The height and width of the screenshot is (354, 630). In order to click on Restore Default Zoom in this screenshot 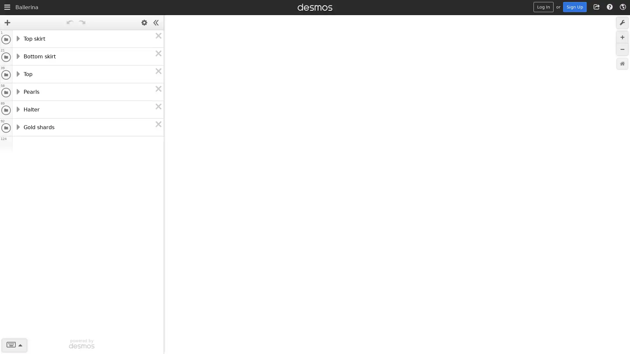, I will do `click(622, 64)`.